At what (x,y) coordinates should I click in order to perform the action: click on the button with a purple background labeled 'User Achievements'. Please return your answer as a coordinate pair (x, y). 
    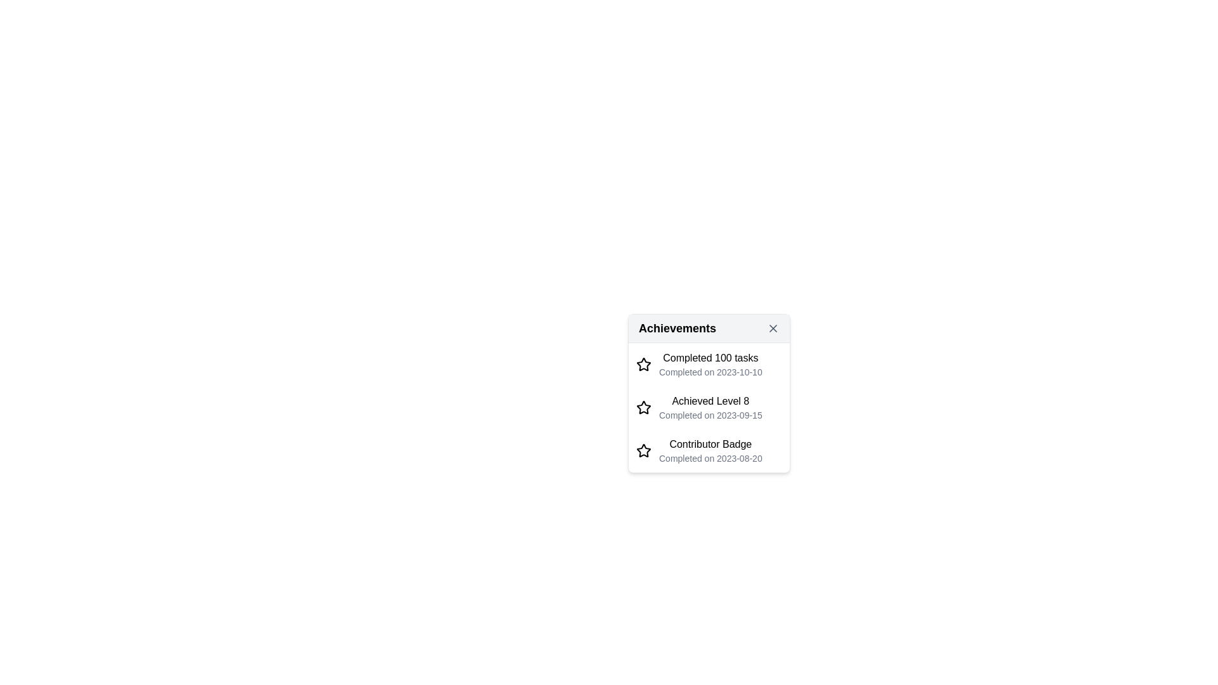
    Looking at the image, I should click on (709, 388).